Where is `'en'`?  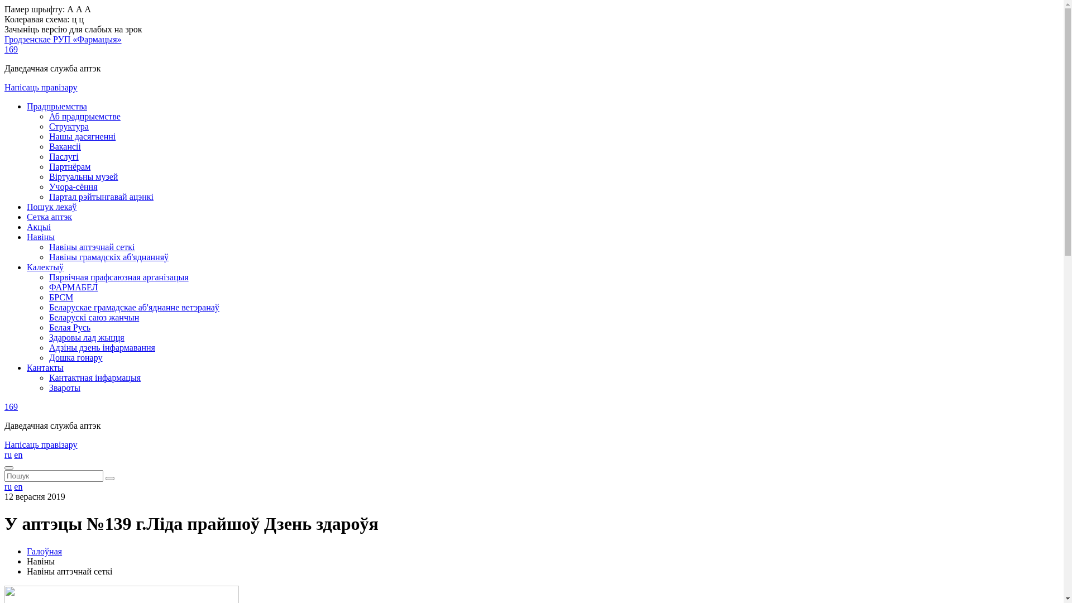
'en' is located at coordinates (18, 486).